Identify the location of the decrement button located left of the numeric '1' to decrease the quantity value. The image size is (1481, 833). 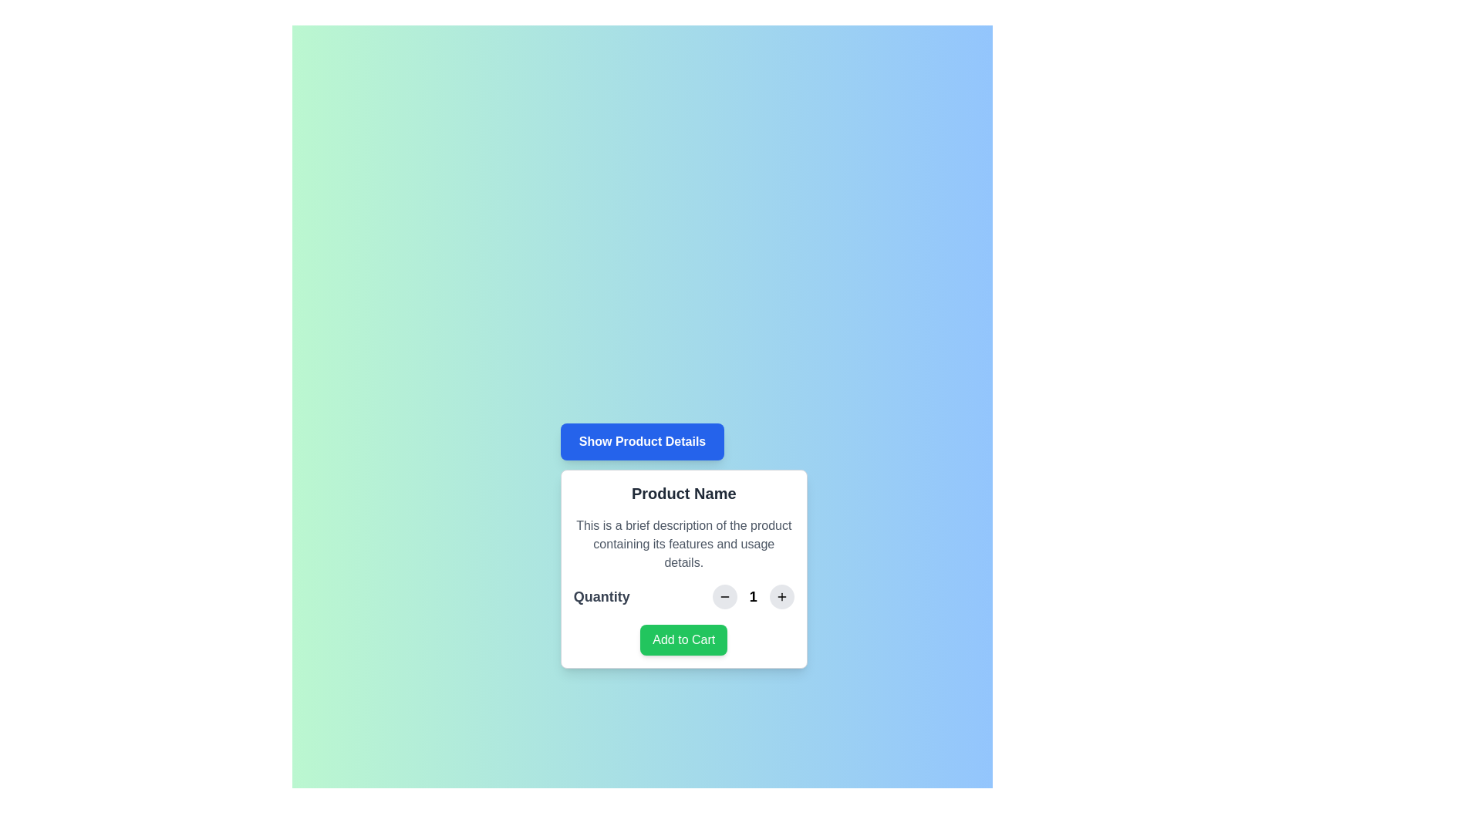
(724, 596).